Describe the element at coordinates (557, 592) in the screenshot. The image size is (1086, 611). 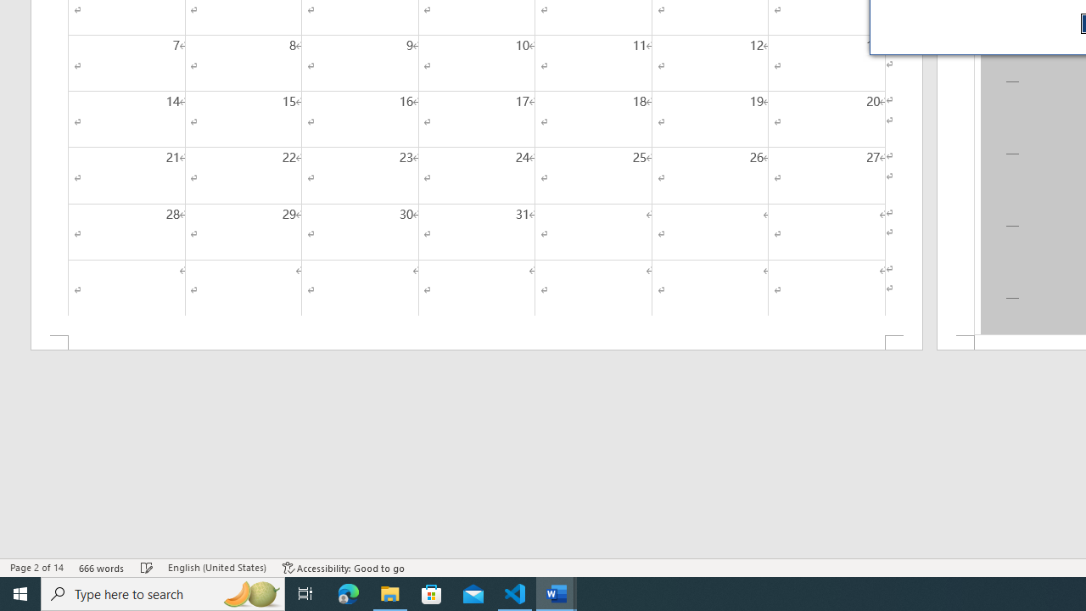
I see `'Word - 2 running windows'` at that location.